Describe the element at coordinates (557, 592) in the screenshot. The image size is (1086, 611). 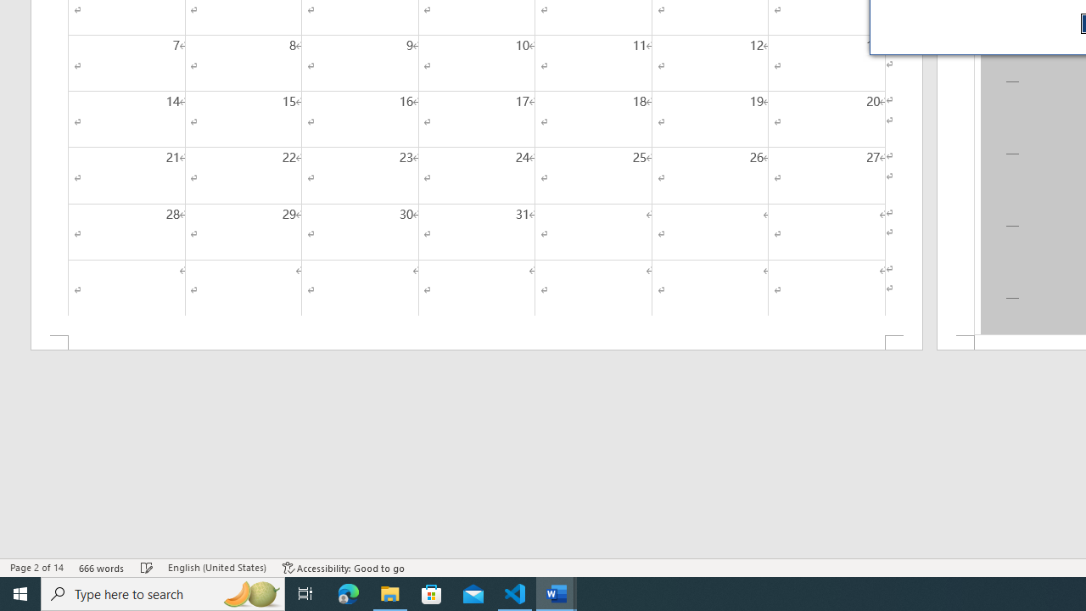
I see `'Word - 2 running windows'` at that location.